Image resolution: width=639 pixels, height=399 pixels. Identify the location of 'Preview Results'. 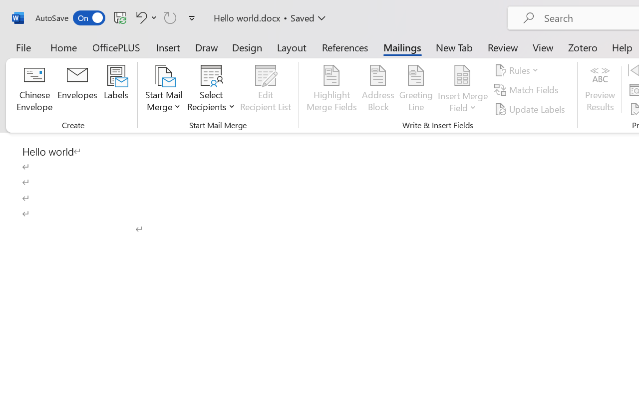
(600, 89).